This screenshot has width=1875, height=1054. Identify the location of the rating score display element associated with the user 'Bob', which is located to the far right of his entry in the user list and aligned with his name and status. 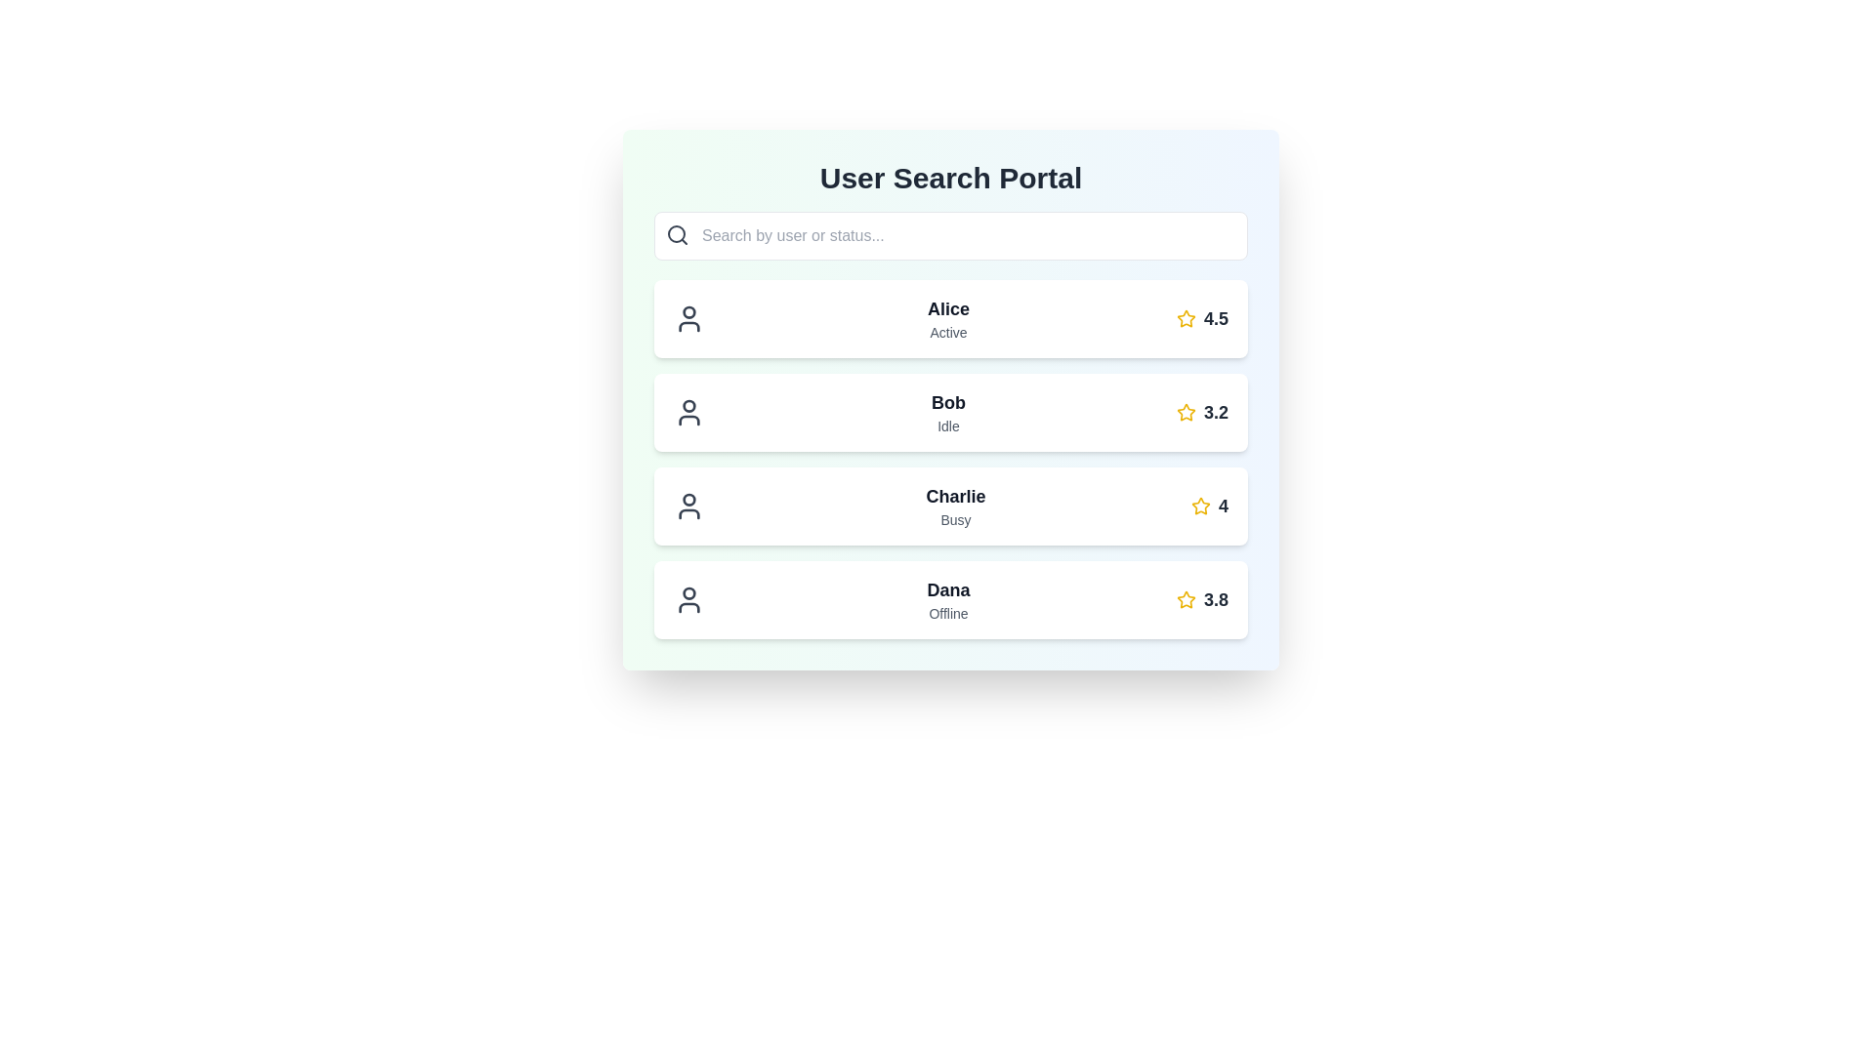
(1201, 412).